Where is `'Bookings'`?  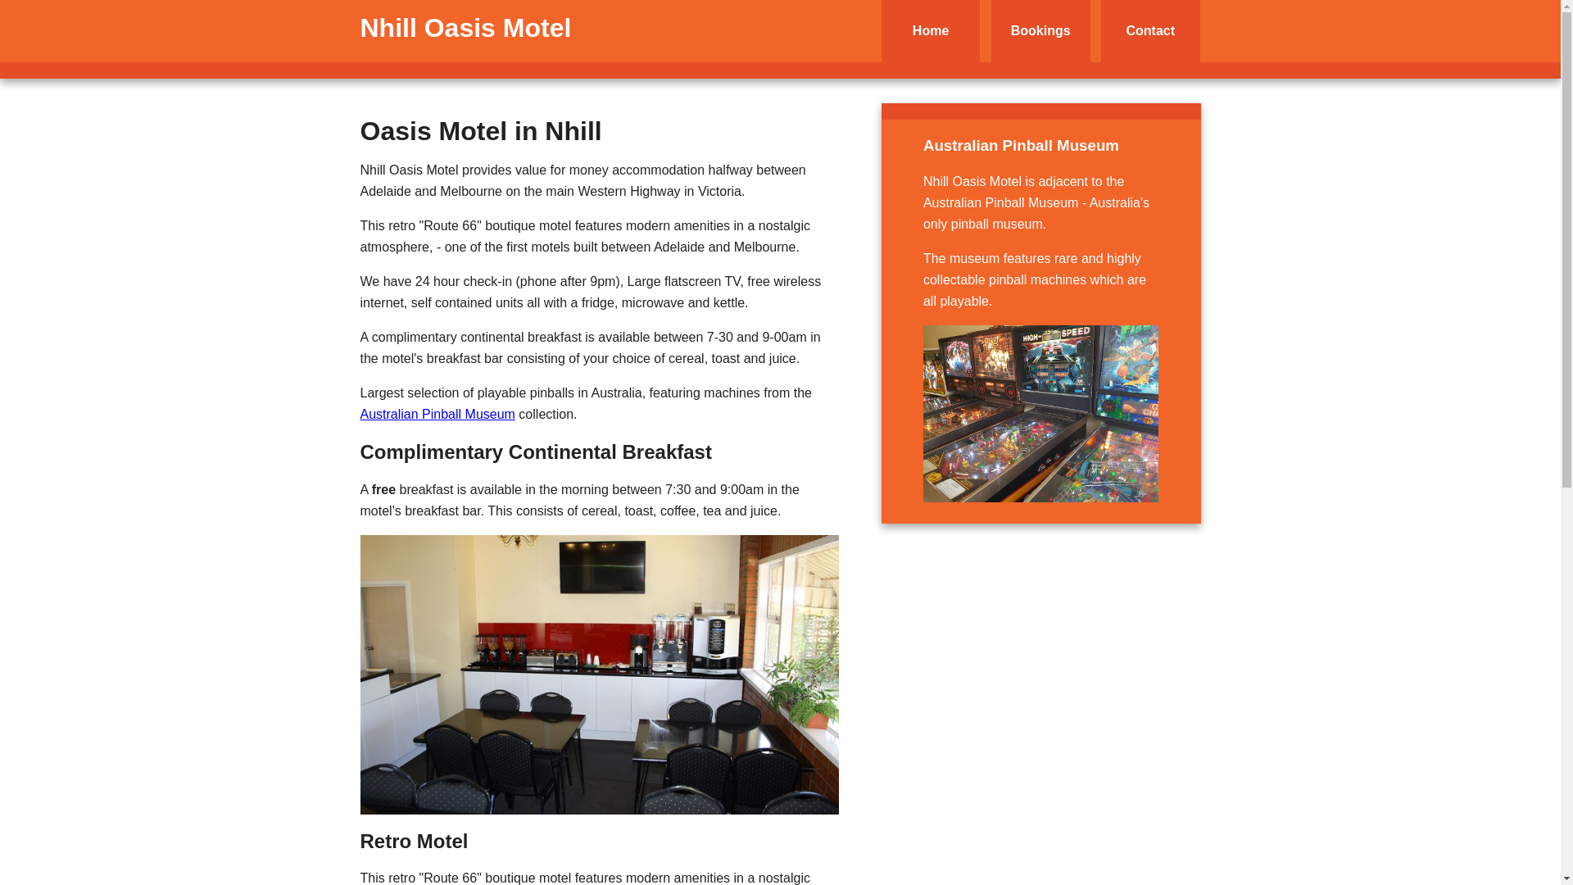 'Bookings' is located at coordinates (1040, 31).